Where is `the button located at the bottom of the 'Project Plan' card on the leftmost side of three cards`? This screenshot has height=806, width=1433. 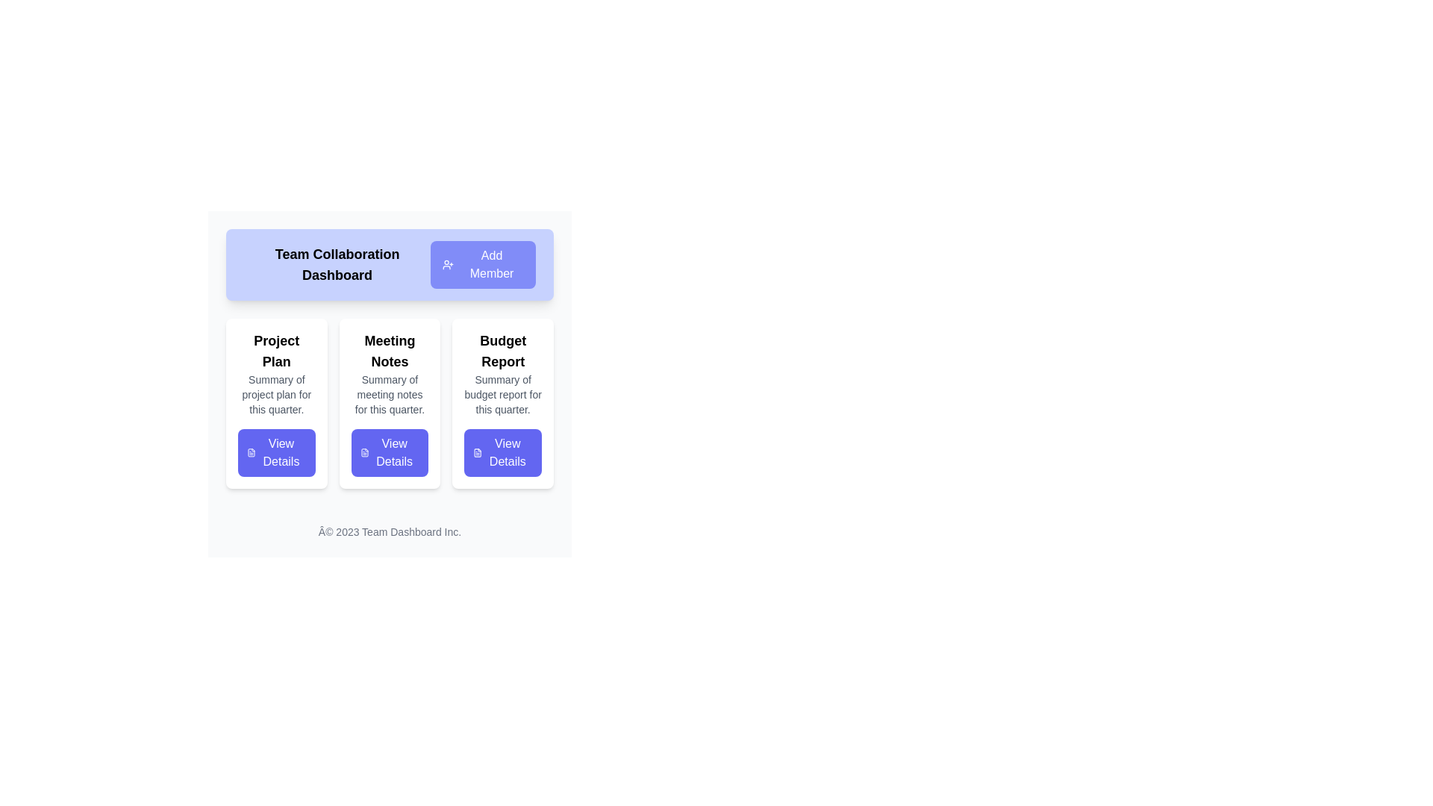 the button located at the bottom of the 'Project Plan' card on the leftmost side of three cards is located at coordinates (276, 452).